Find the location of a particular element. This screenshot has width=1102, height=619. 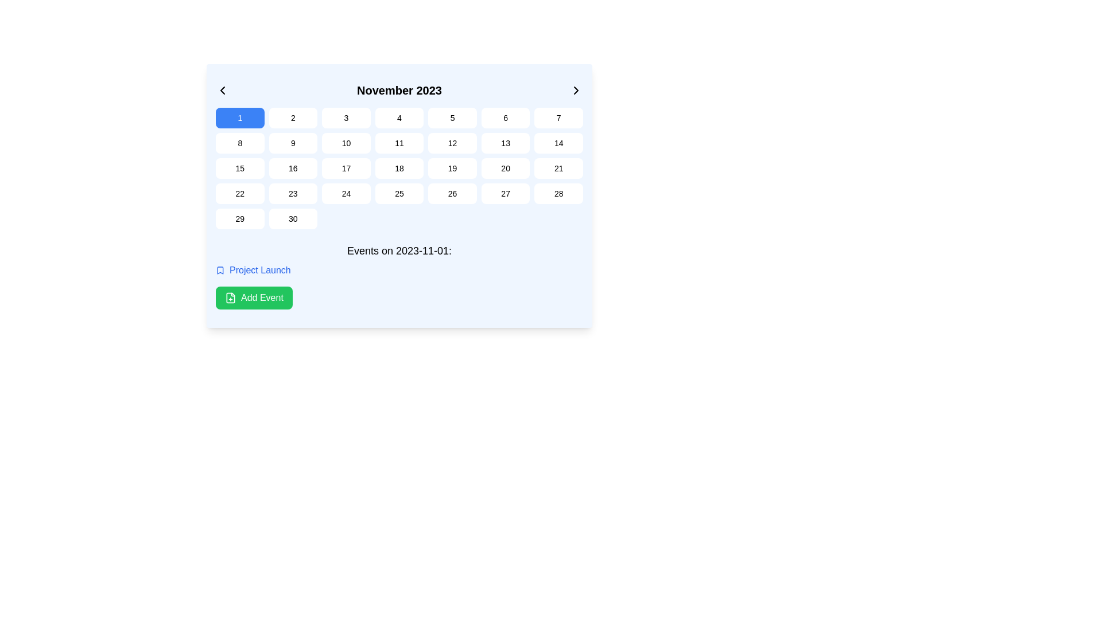

the small rectangular button displaying the number '21' with a white background and black text is located at coordinates (558, 168).